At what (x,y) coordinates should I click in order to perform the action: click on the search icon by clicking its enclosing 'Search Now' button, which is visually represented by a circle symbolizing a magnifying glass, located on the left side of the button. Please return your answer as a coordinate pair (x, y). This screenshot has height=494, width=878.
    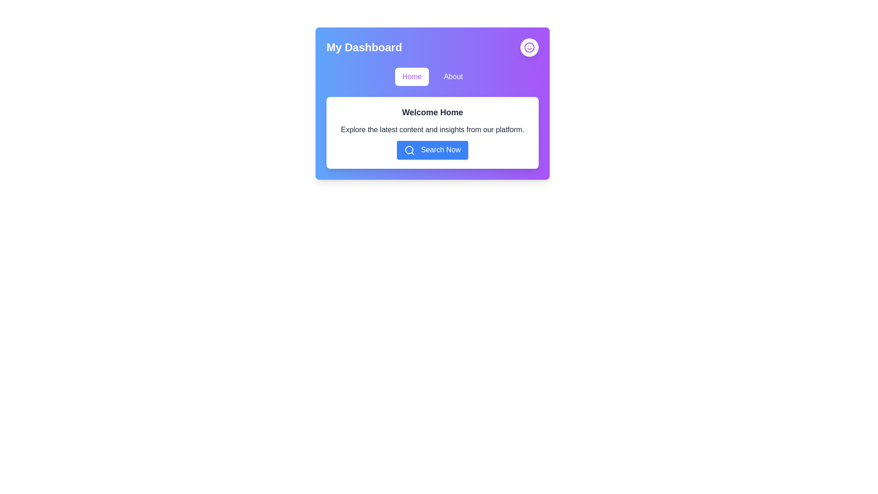
    Looking at the image, I should click on (409, 149).